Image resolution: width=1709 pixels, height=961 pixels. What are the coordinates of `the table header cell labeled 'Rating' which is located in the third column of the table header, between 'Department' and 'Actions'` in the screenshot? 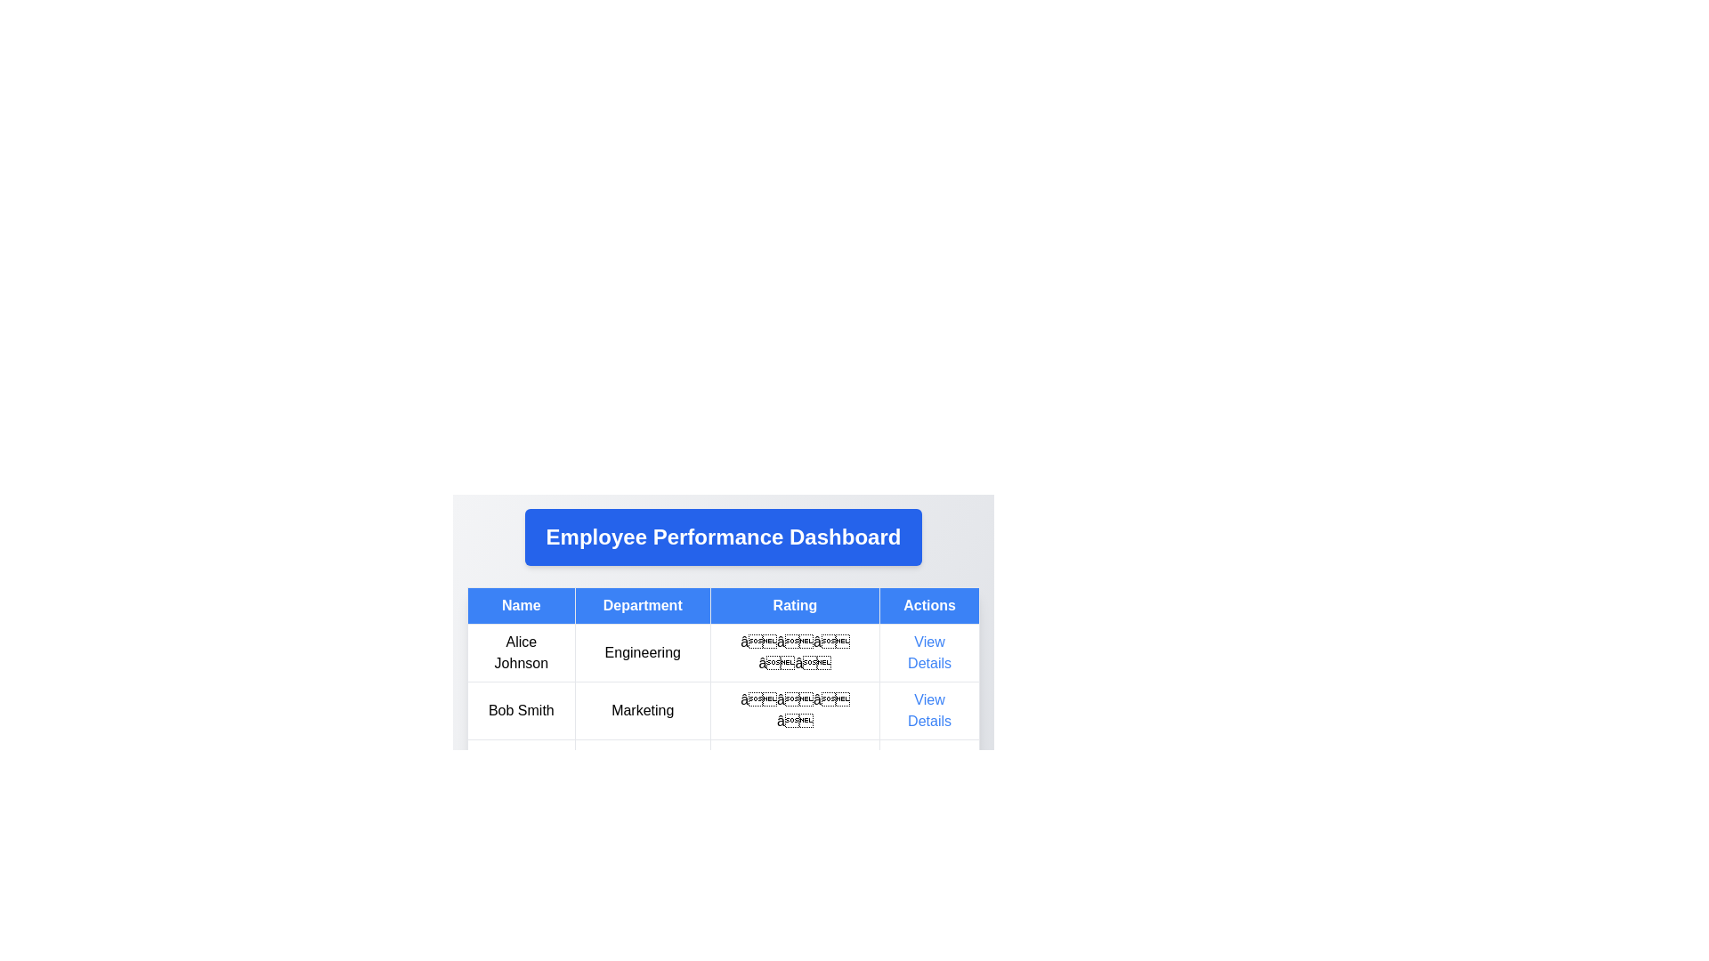 It's located at (794, 605).